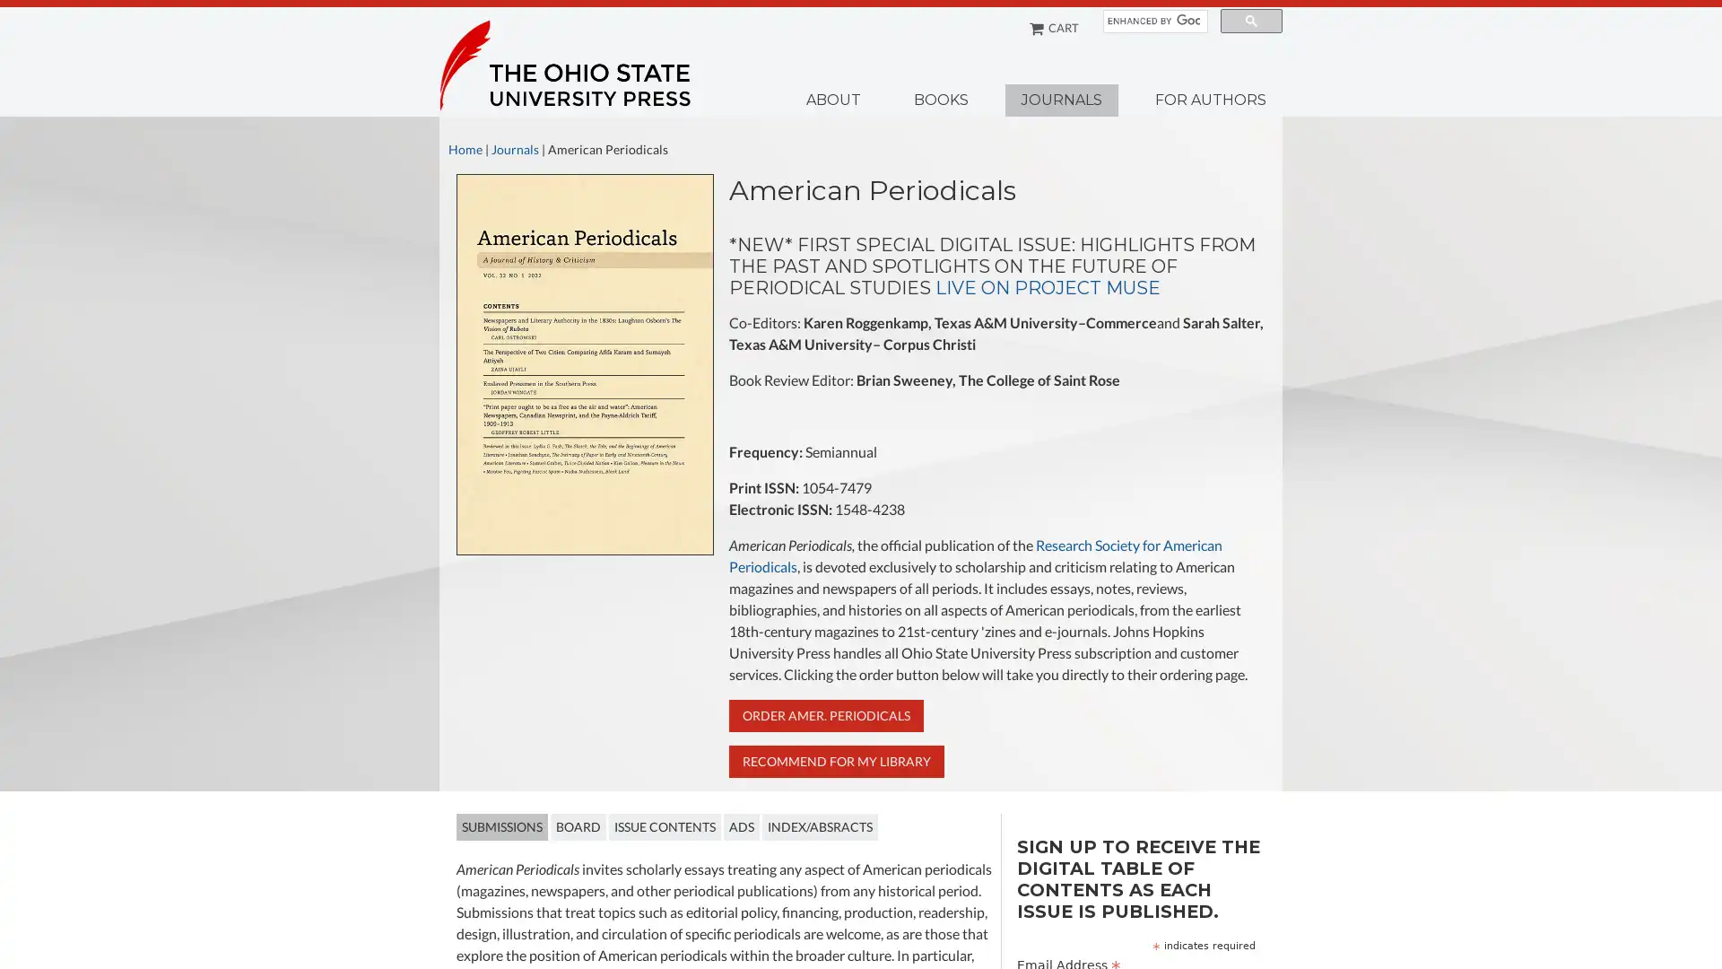  Describe the element at coordinates (1250, 21) in the screenshot. I see `search` at that location.